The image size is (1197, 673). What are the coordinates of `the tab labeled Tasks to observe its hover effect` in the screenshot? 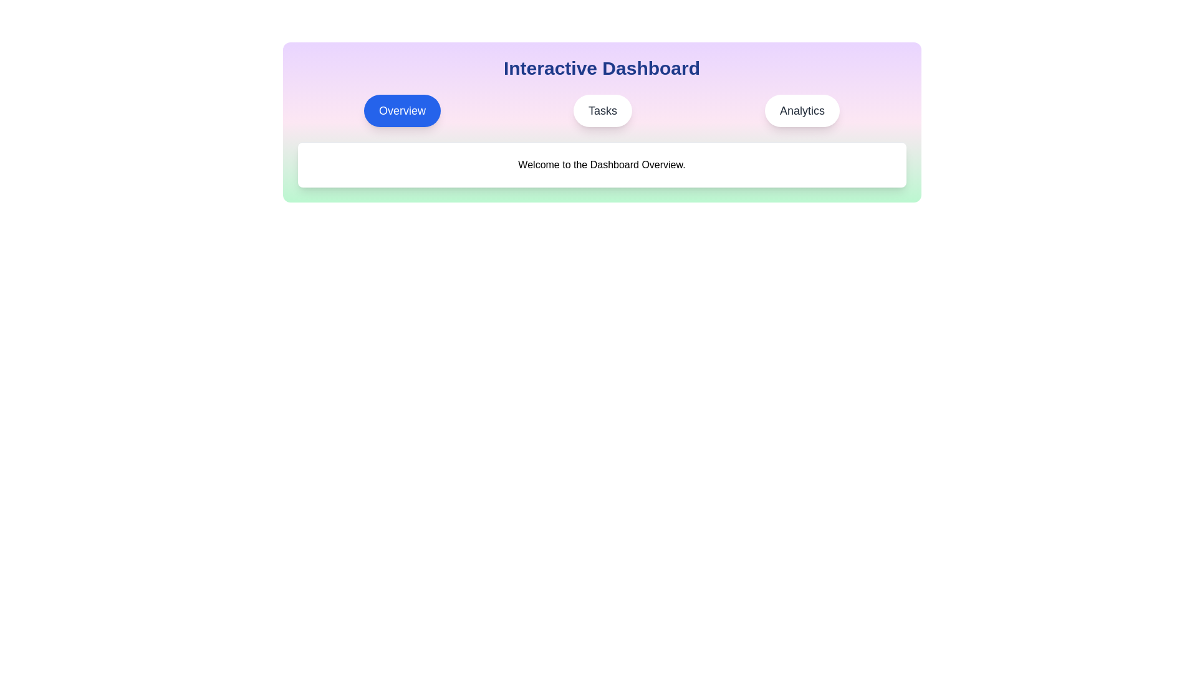 It's located at (602, 110).